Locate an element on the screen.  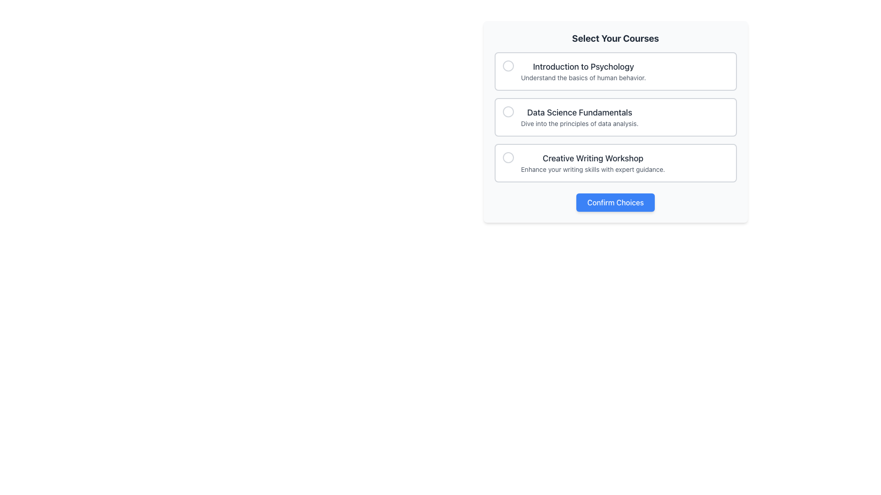
the circular radio button located to the left of the text 'Creative Writing Workshop' is located at coordinates (507, 157).